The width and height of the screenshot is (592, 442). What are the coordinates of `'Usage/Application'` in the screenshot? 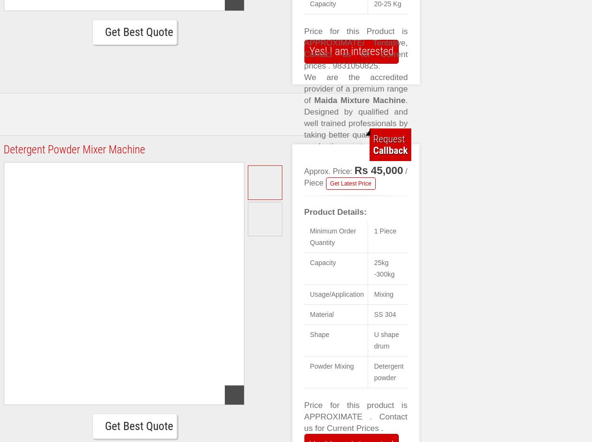 It's located at (310, 294).